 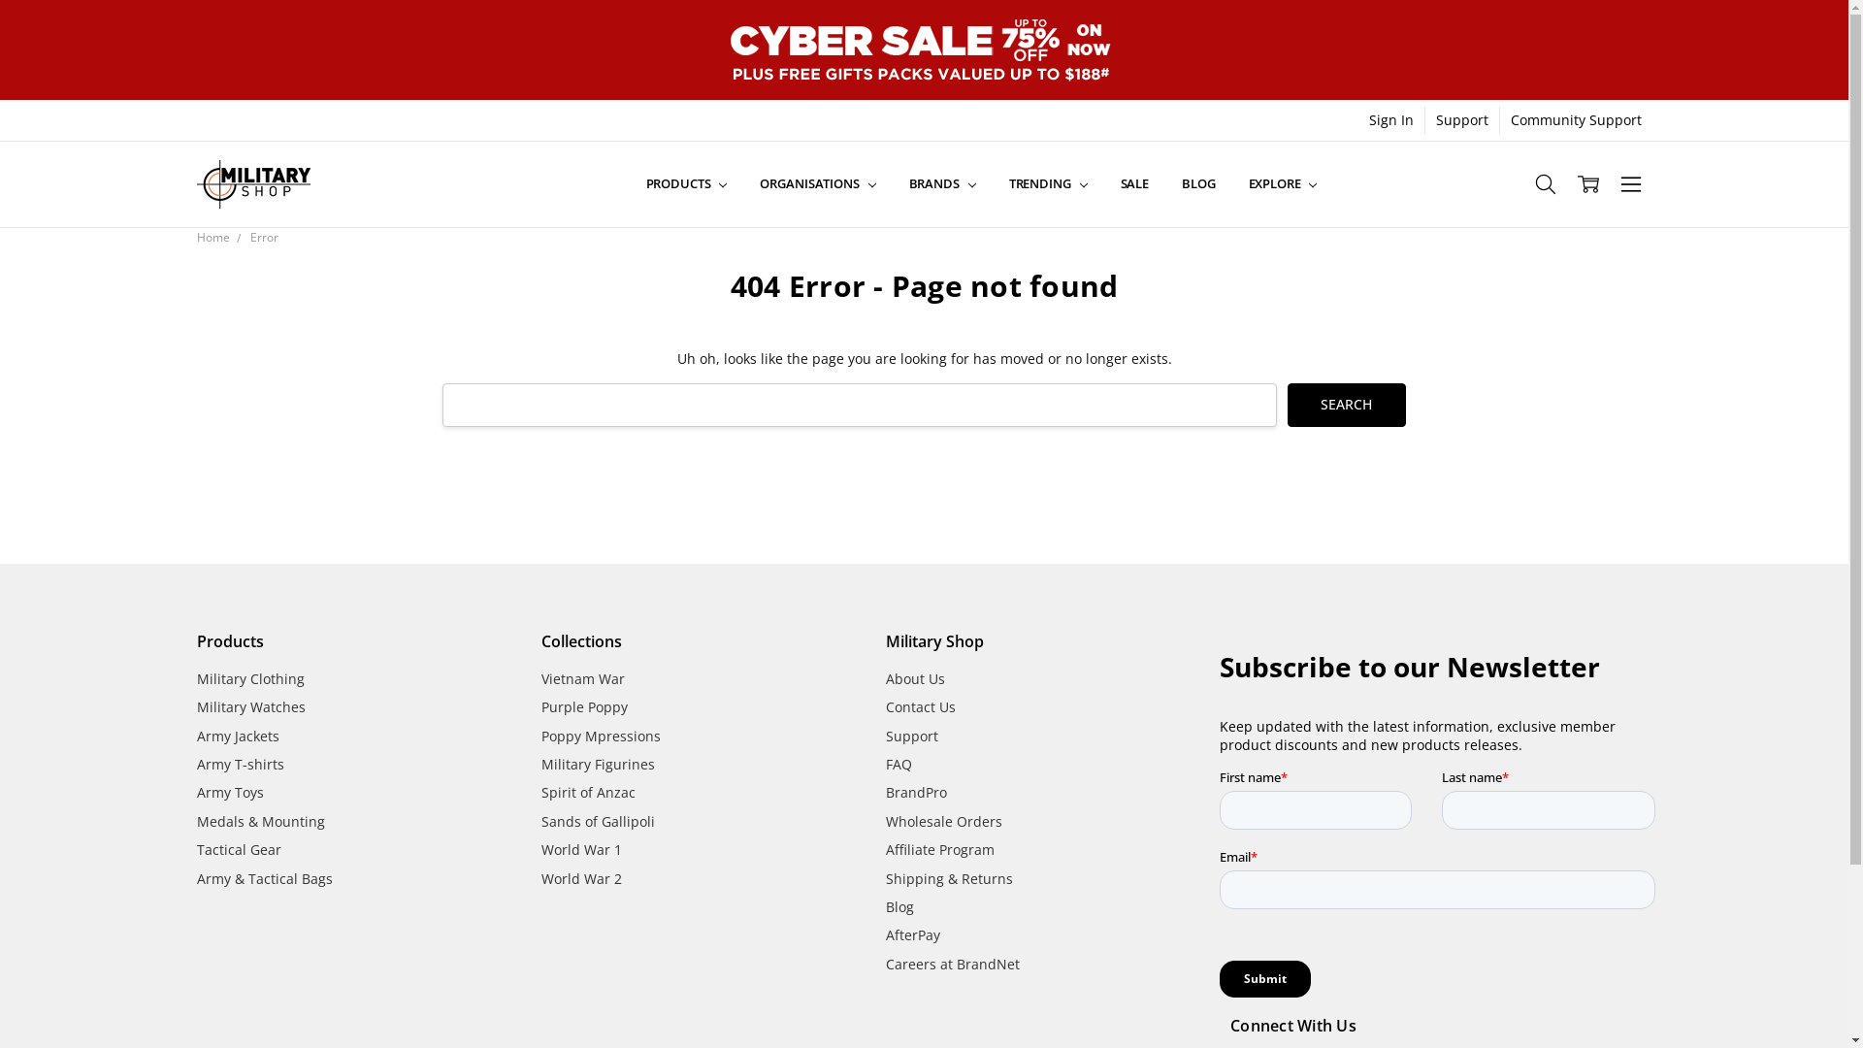 What do you see at coordinates (597, 763) in the screenshot?
I see `'Military Figurines'` at bounding box center [597, 763].